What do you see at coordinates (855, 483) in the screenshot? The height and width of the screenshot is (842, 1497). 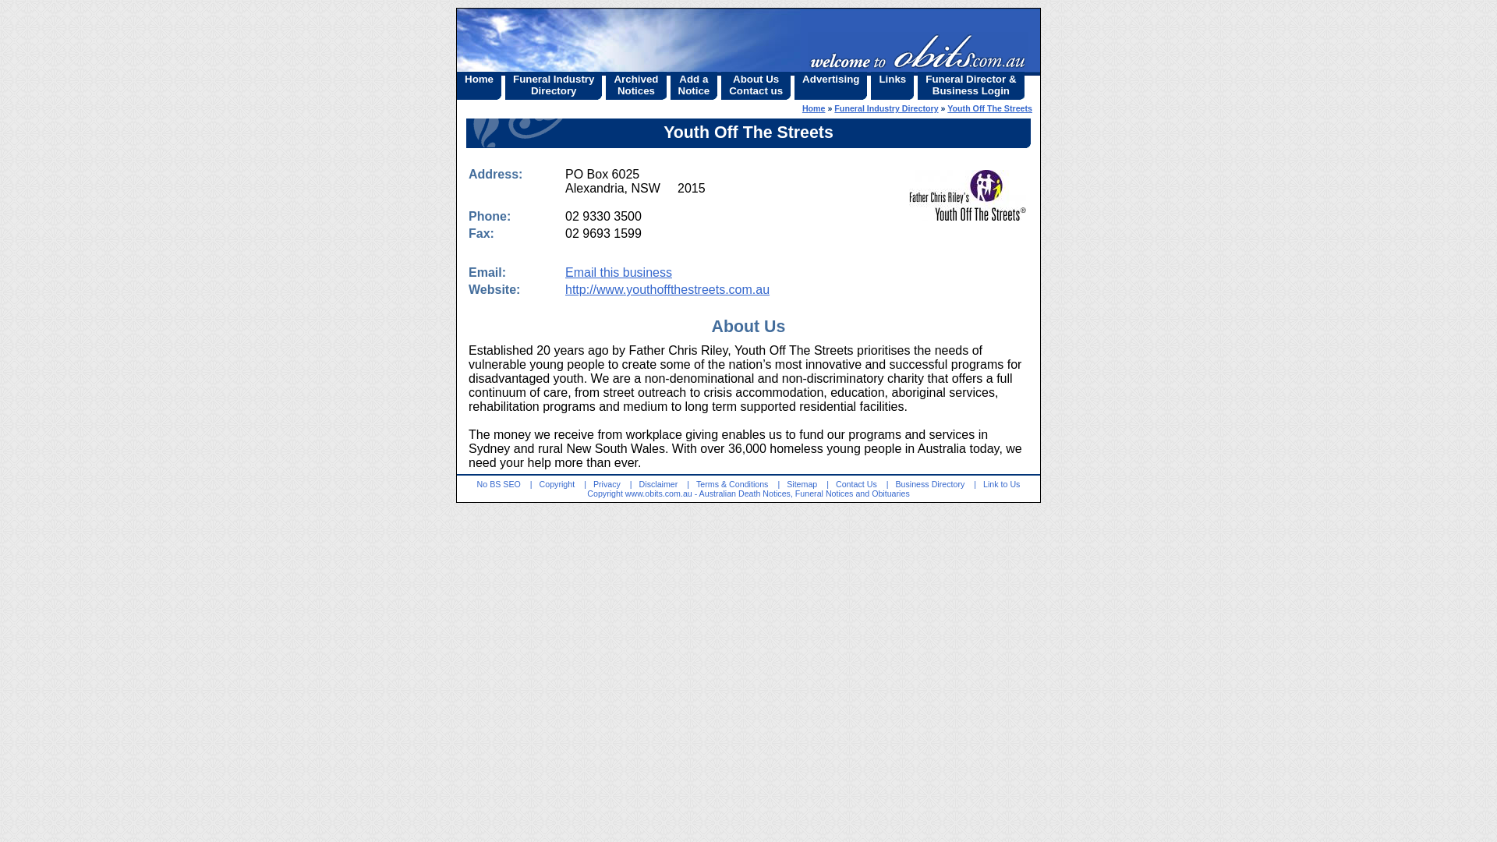 I see `'Contact Us'` at bounding box center [855, 483].